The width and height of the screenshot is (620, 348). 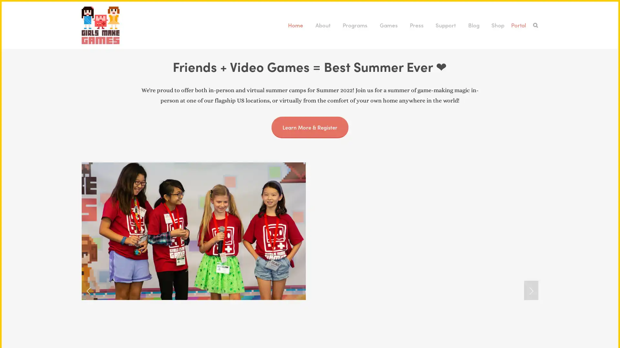 I want to click on Next Slide, so click(x=531, y=290).